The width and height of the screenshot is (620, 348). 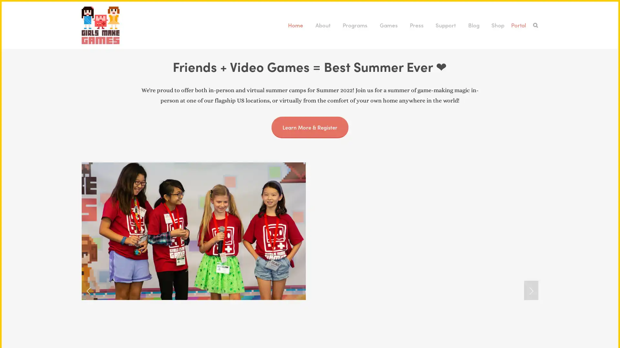 I want to click on Next Slide, so click(x=531, y=290).